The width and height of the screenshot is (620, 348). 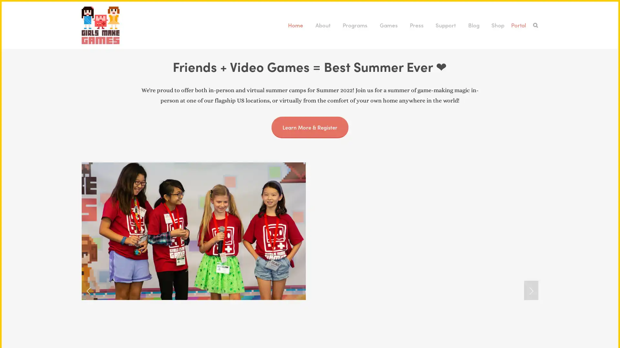 I want to click on Next Slide, so click(x=531, y=290).